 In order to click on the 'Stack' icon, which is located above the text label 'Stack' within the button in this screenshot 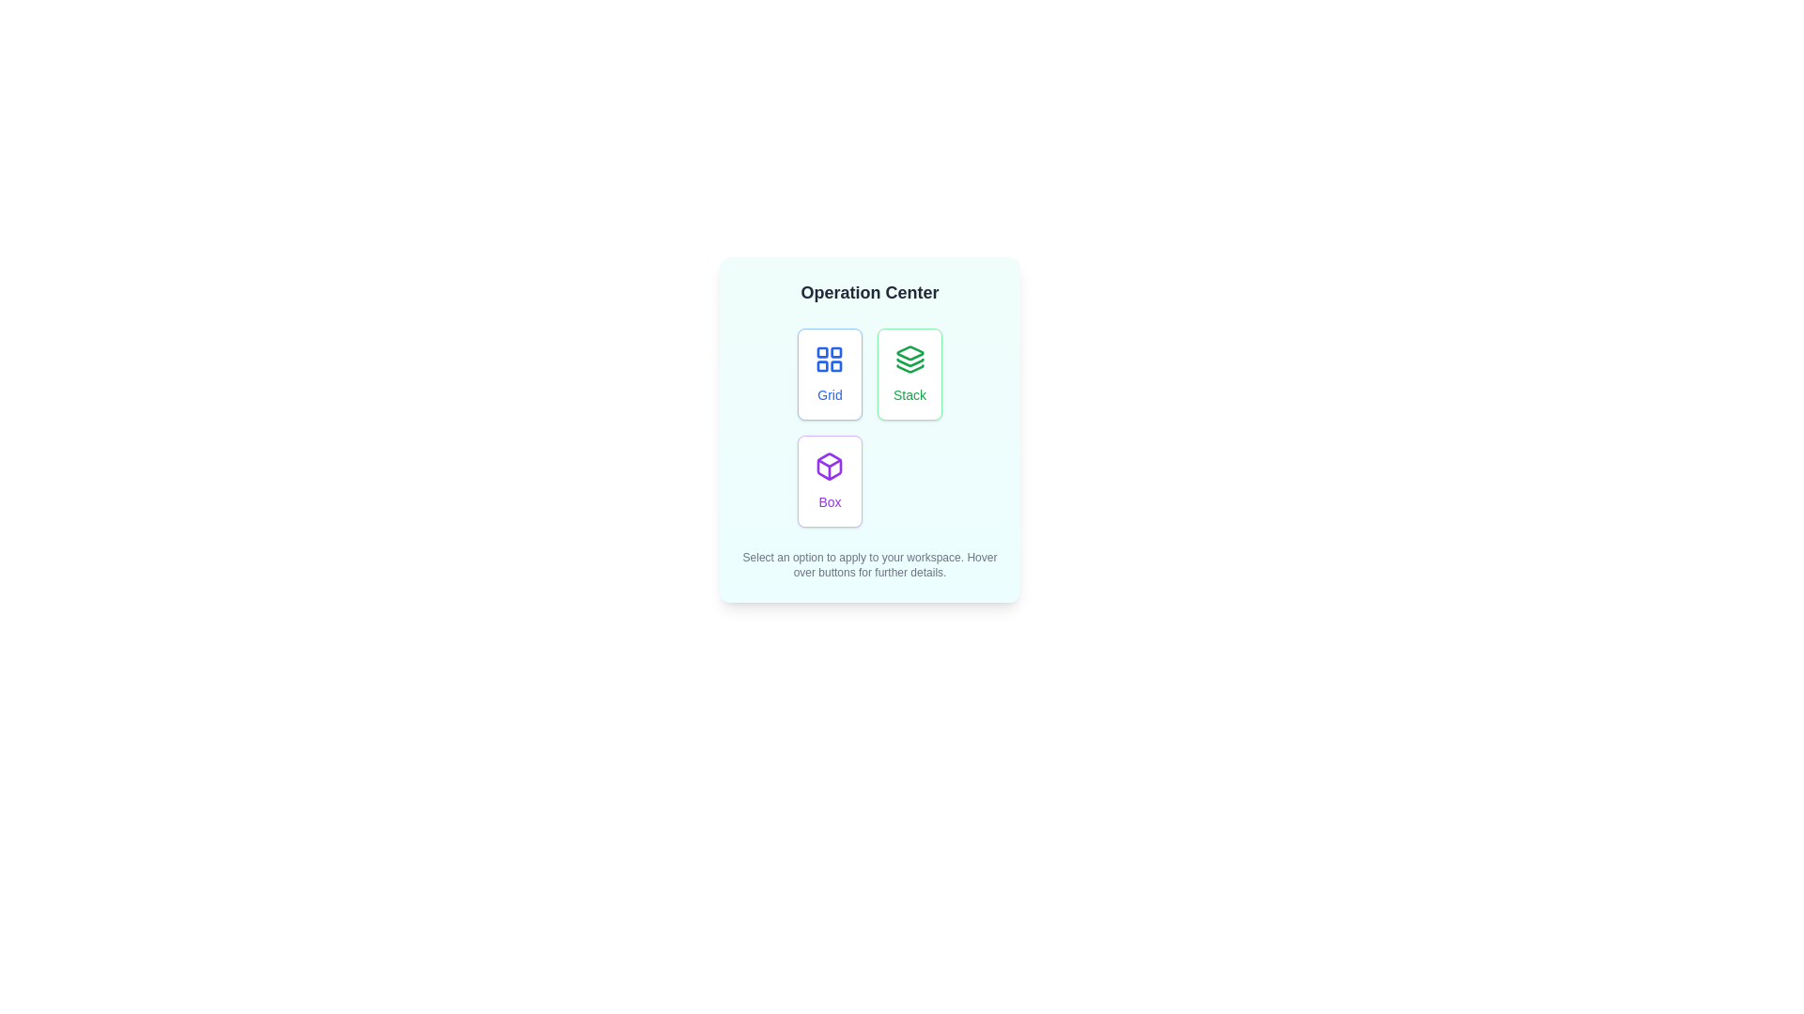, I will do `click(910, 359)`.